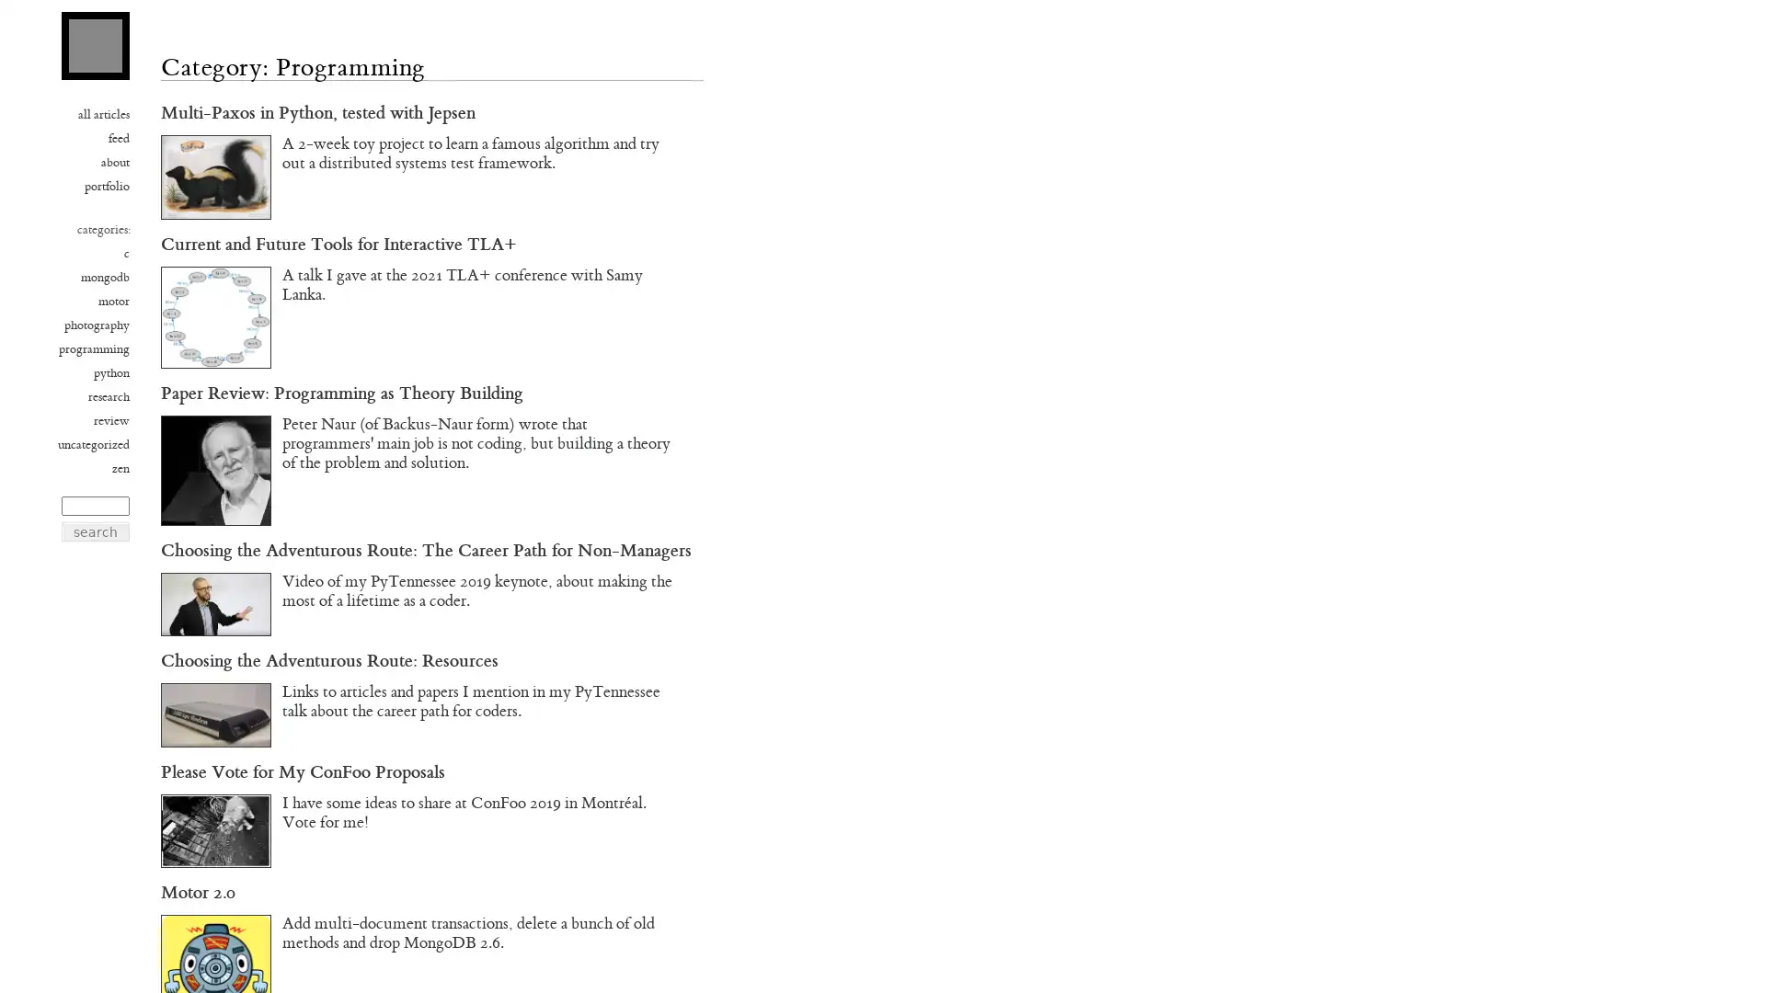 The height and width of the screenshot is (993, 1766). Describe the element at coordinates (95, 531) in the screenshot. I see `search` at that location.